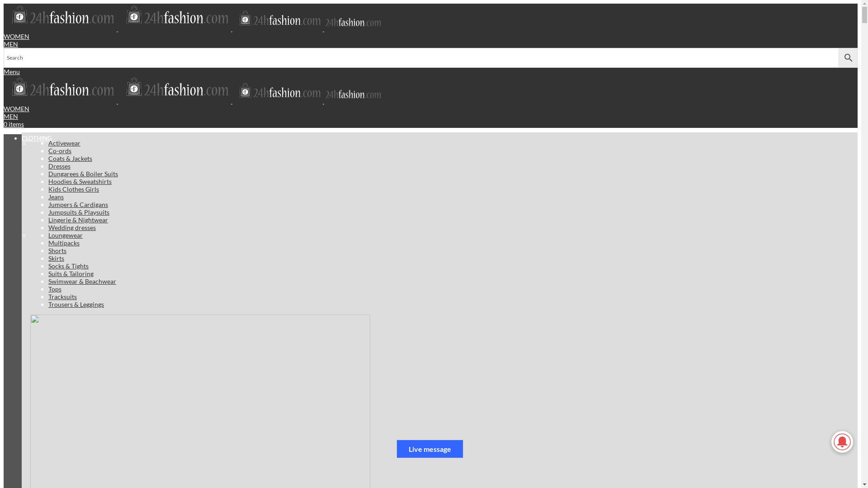 This screenshot has height=488, width=868. Describe the element at coordinates (47, 142) in the screenshot. I see `'Activewear'` at that location.